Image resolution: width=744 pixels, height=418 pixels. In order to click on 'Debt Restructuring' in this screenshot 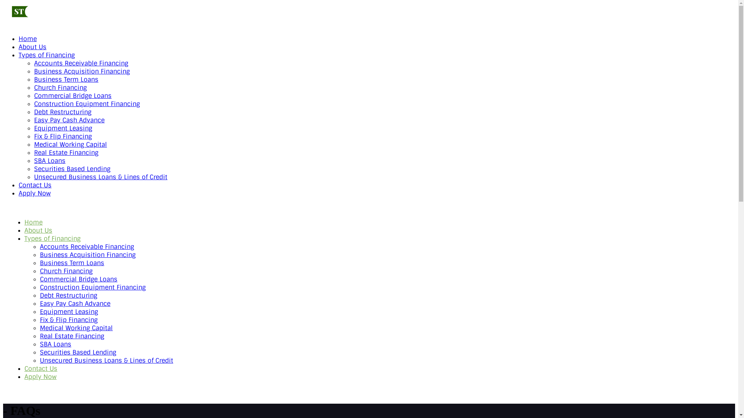, I will do `click(33, 112)`.